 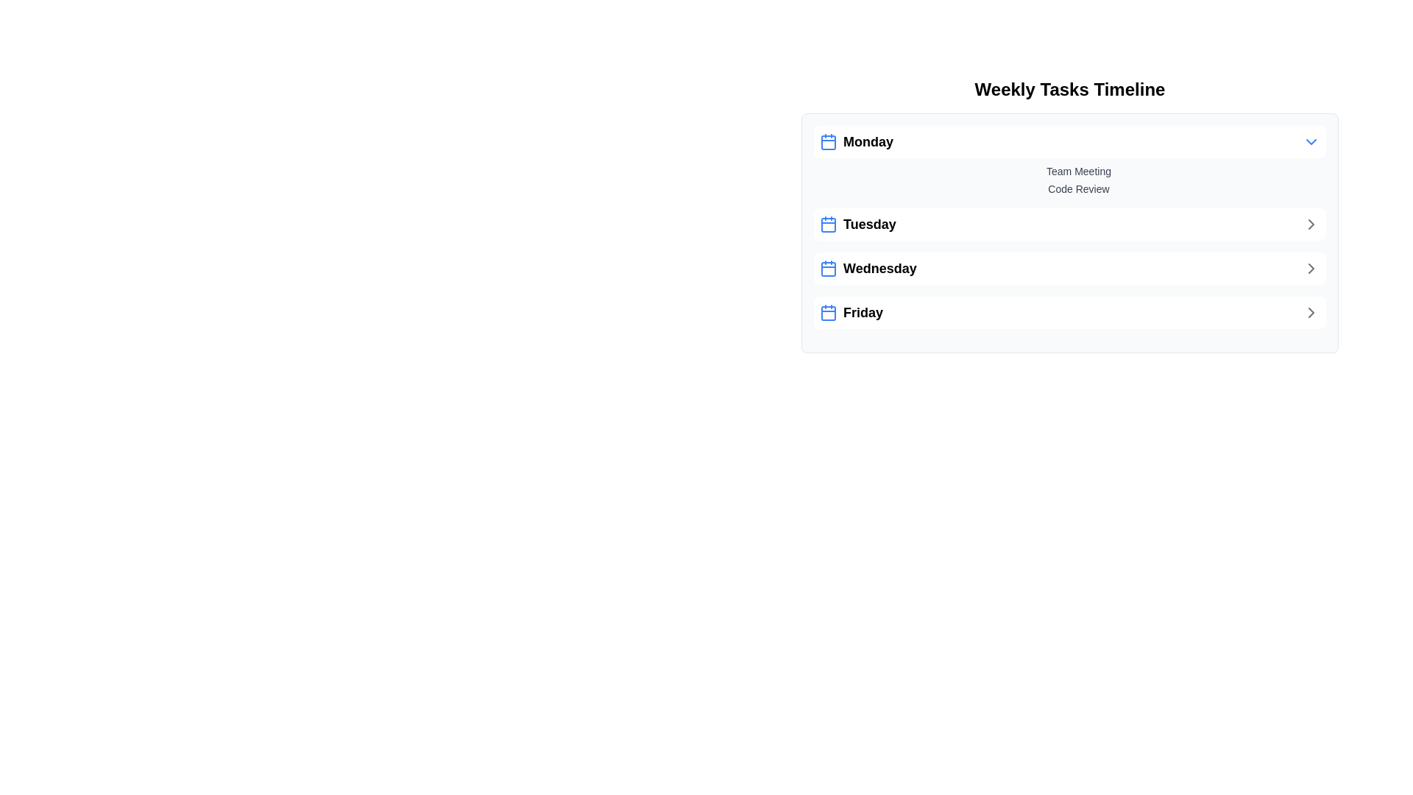 What do you see at coordinates (829, 311) in the screenshot?
I see `the calendar icon that is blue in color with strokes indicating the grid, located at the start of the text 'Friday' in the last row of the list on the right side panel` at bounding box center [829, 311].